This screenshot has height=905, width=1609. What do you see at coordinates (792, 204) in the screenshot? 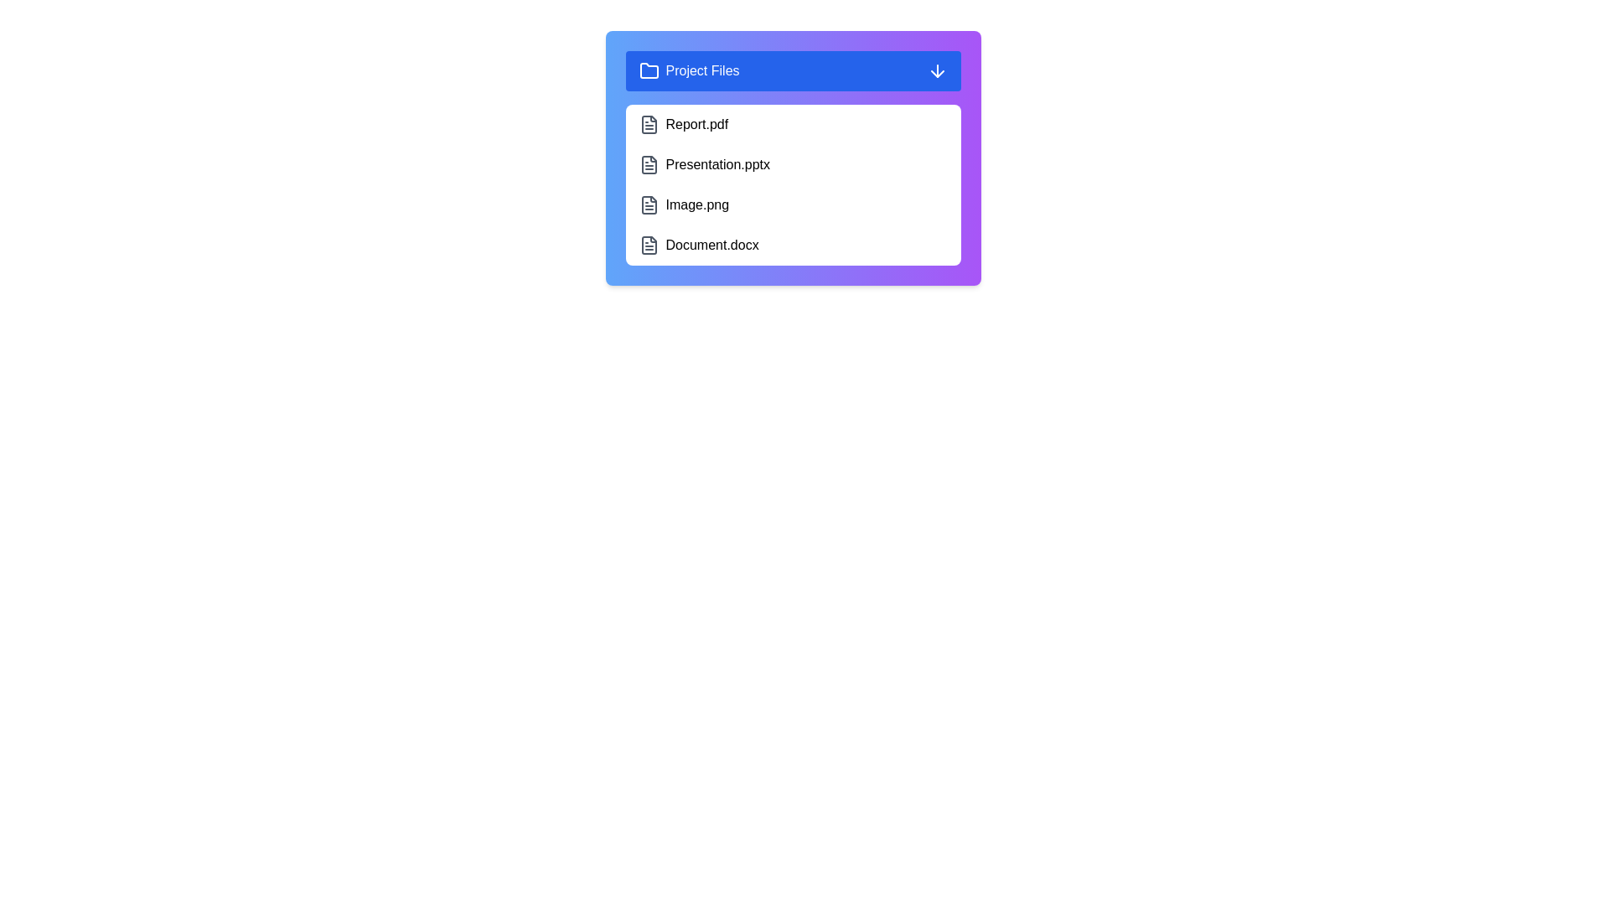
I see `the file item Image.png to observe visual feedback` at bounding box center [792, 204].